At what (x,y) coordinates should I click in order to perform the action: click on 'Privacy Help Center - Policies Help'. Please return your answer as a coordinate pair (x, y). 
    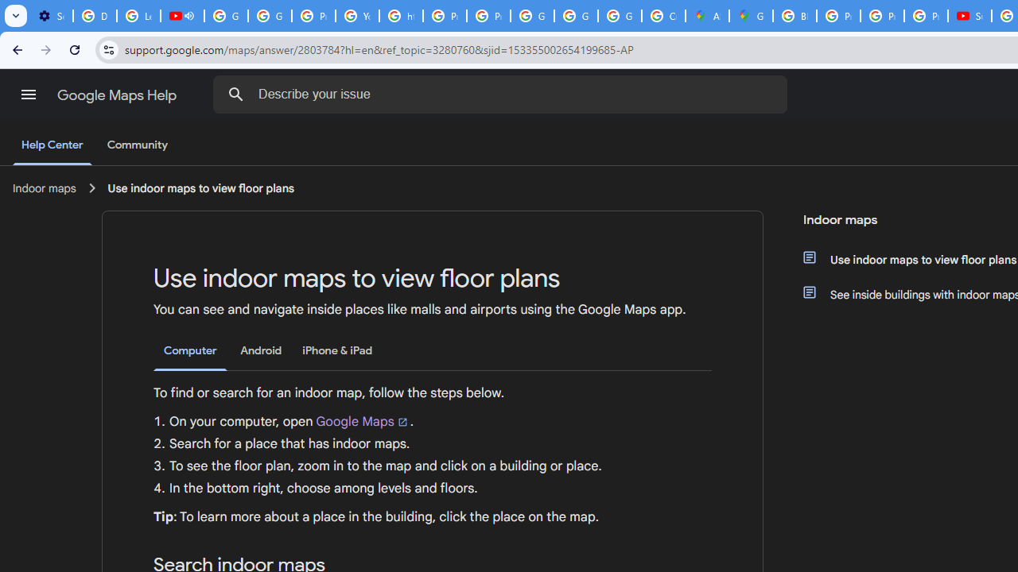
    Looking at the image, I should click on (881, 16).